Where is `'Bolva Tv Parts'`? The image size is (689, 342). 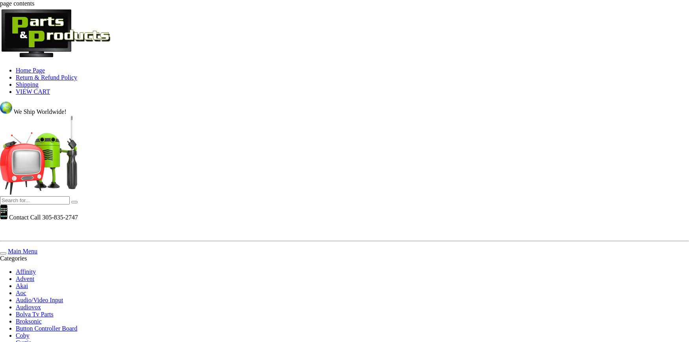 'Bolva Tv Parts' is located at coordinates (34, 314).